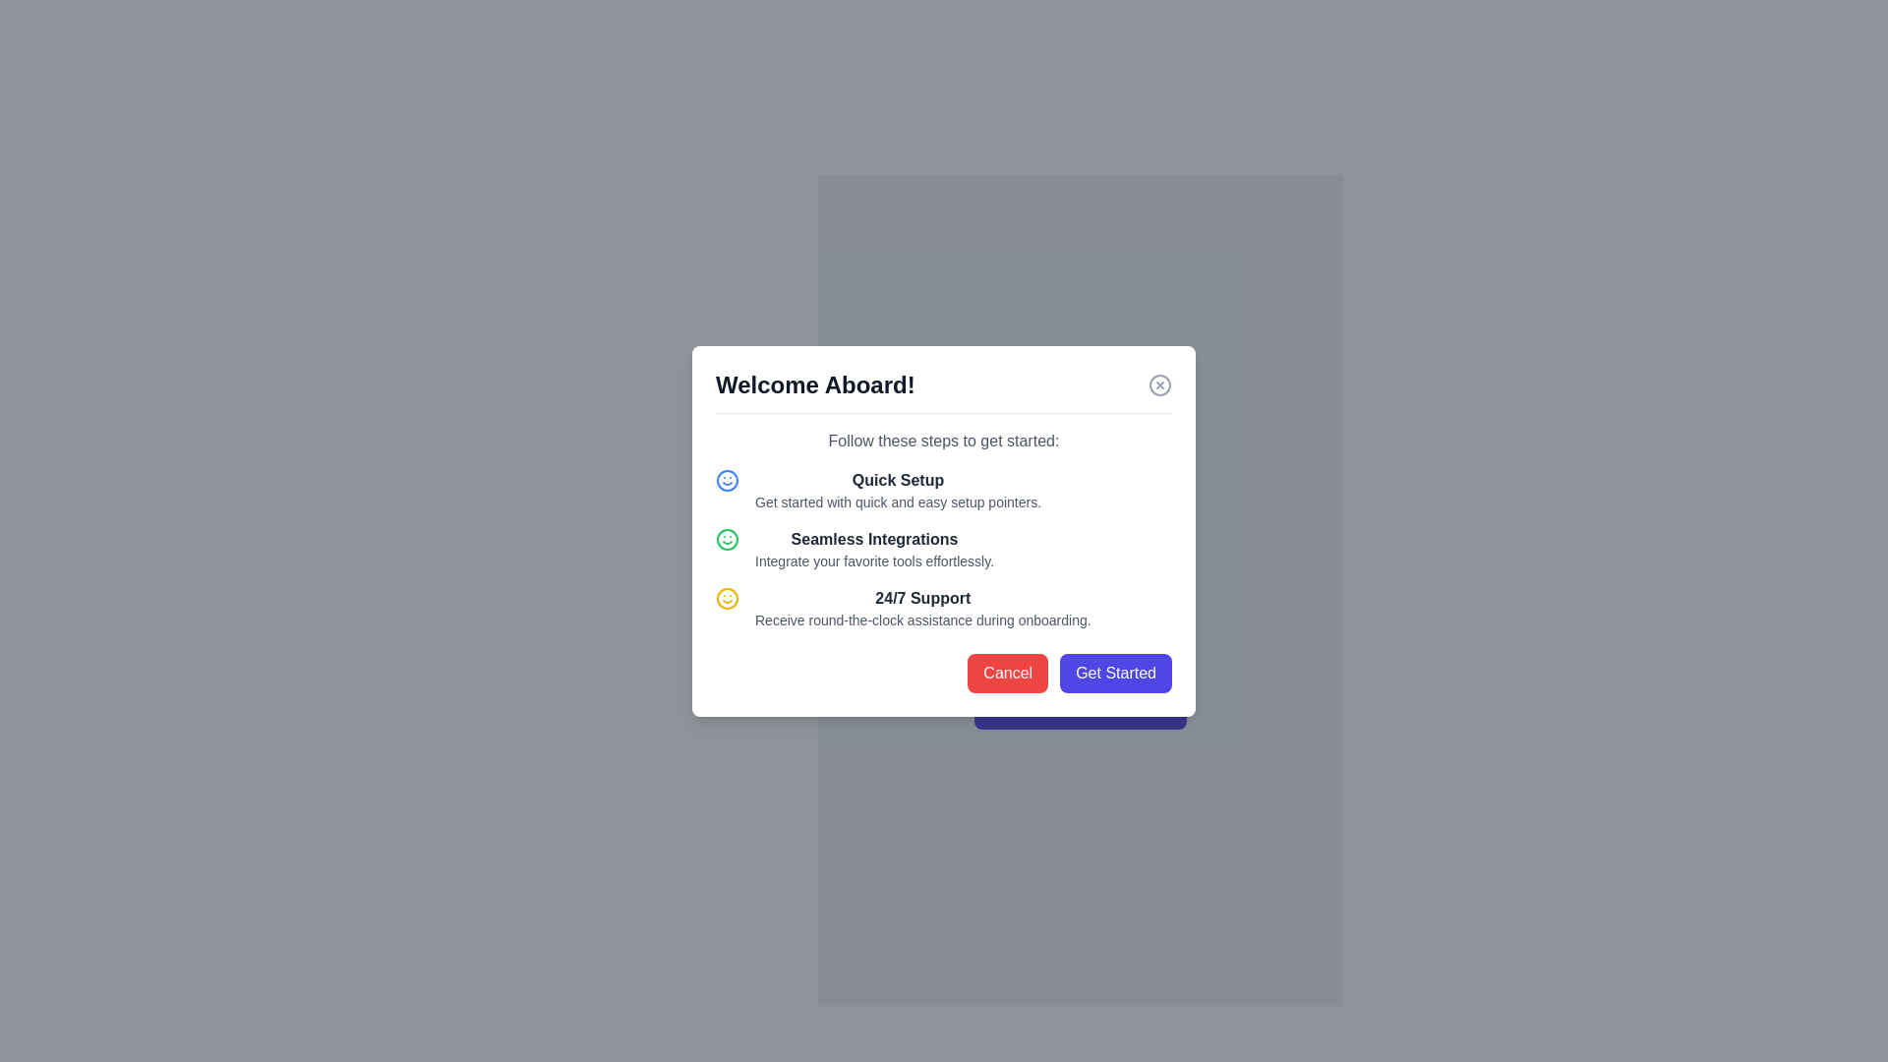 This screenshot has height=1062, width=1888. What do you see at coordinates (944, 549) in the screenshot?
I see `the text 'Seamless Integrations' in the Feature description block, which includes a green smiley face icon and a description below it` at bounding box center [944, 549].